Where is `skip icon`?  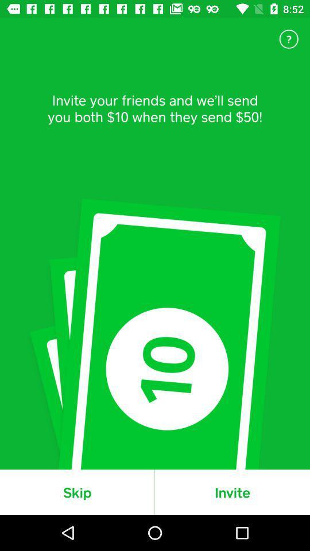 skip icon is located at coordinates (77, 491).